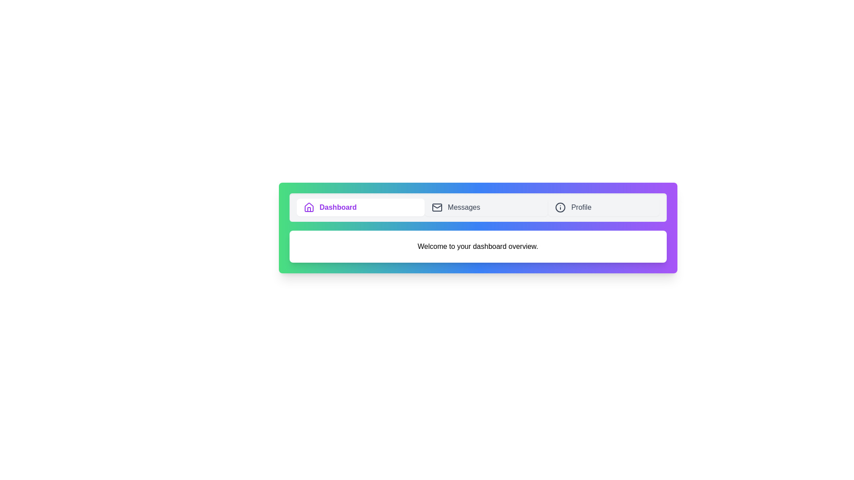  What do you see at coordinates (360, 207) in the screenshot?
I see `the Dashboard tab to switch to its content` at bounding box center [360, 207].